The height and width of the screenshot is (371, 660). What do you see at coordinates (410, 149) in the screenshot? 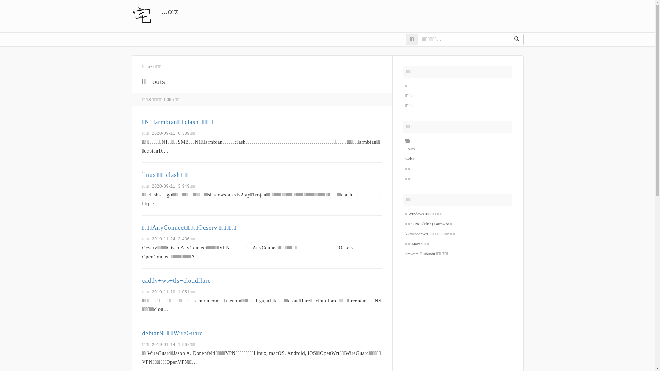
I see `'outs'` at bounding box center [410, 149].